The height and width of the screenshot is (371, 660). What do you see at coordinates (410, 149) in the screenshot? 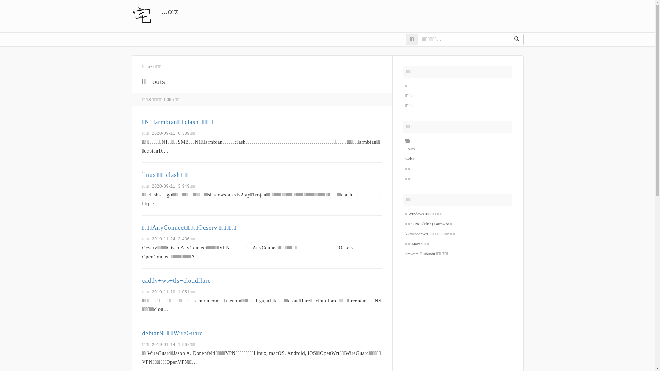
I see `'outs'` at bounding box center [410, 149].